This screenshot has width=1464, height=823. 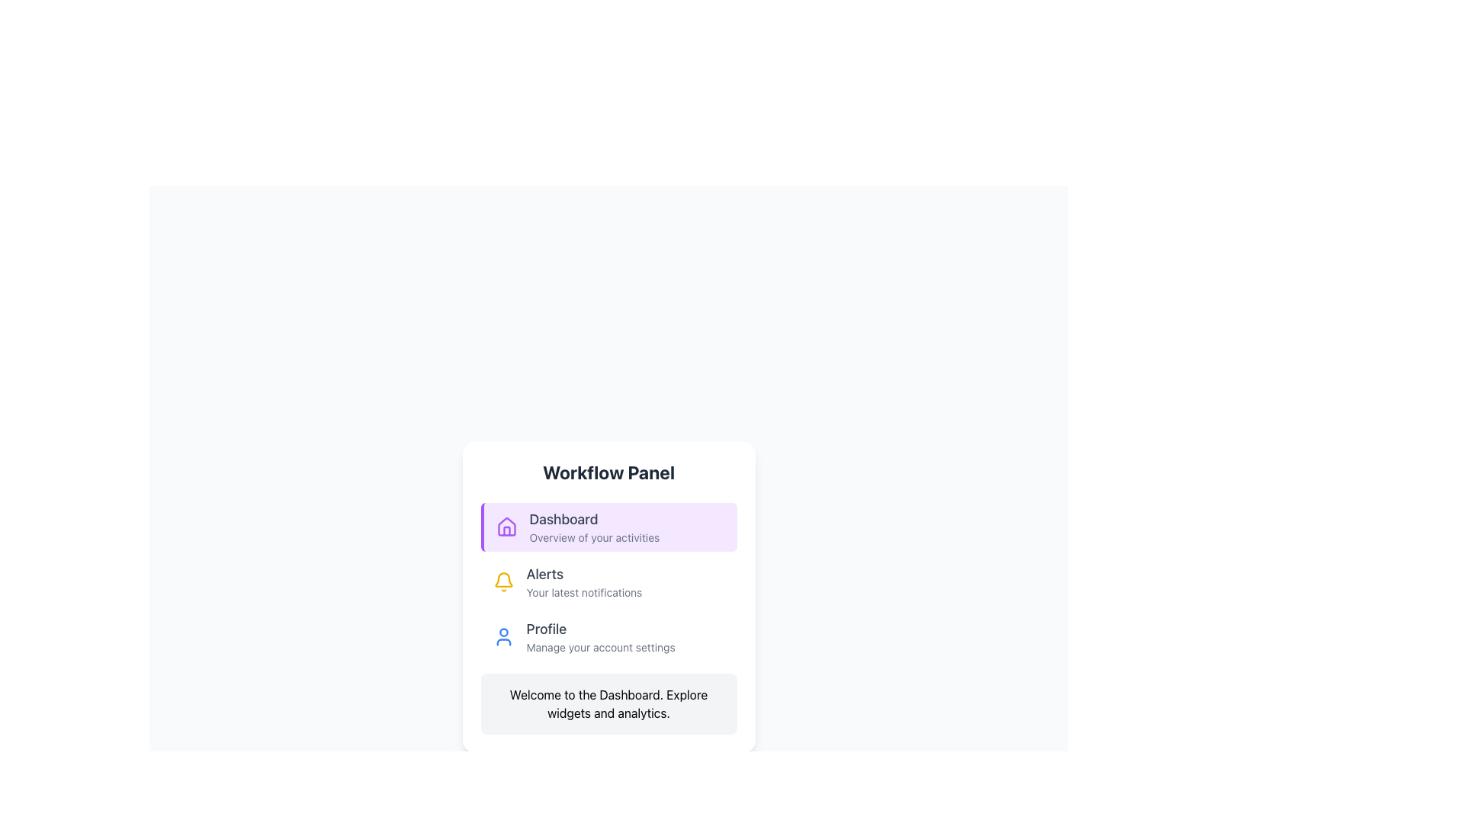 I want to click on the bell icon in the vertical menu, so click(x=503, y=580).